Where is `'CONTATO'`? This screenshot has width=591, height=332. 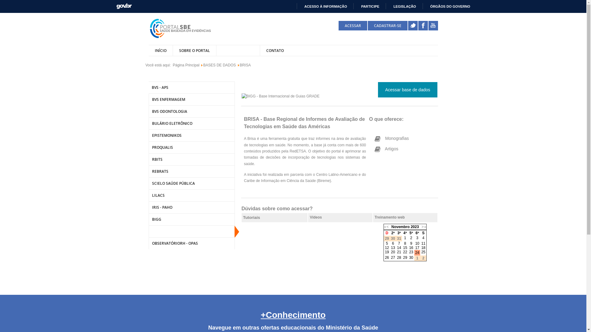 'CONTATO' is located at coordinates (274, 50).